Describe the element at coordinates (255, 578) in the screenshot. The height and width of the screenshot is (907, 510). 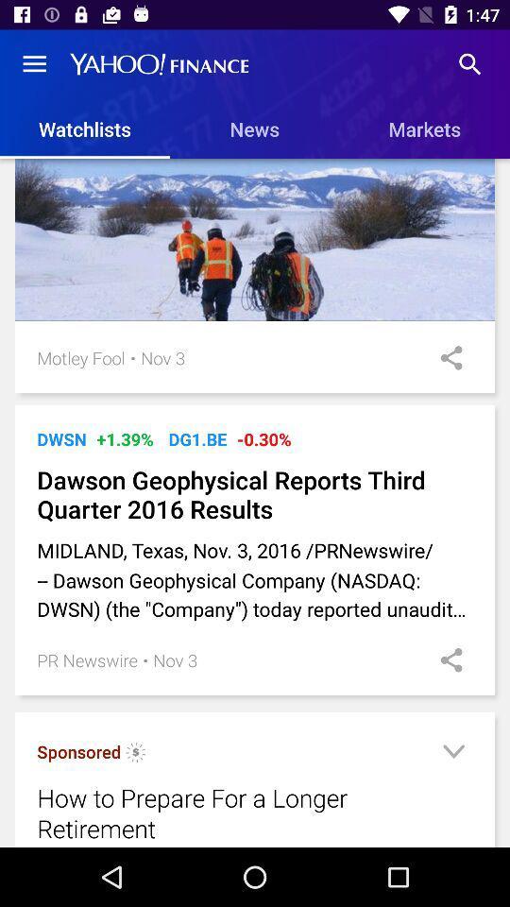
I see `icon below the dawson geophysical reports item` at that location.